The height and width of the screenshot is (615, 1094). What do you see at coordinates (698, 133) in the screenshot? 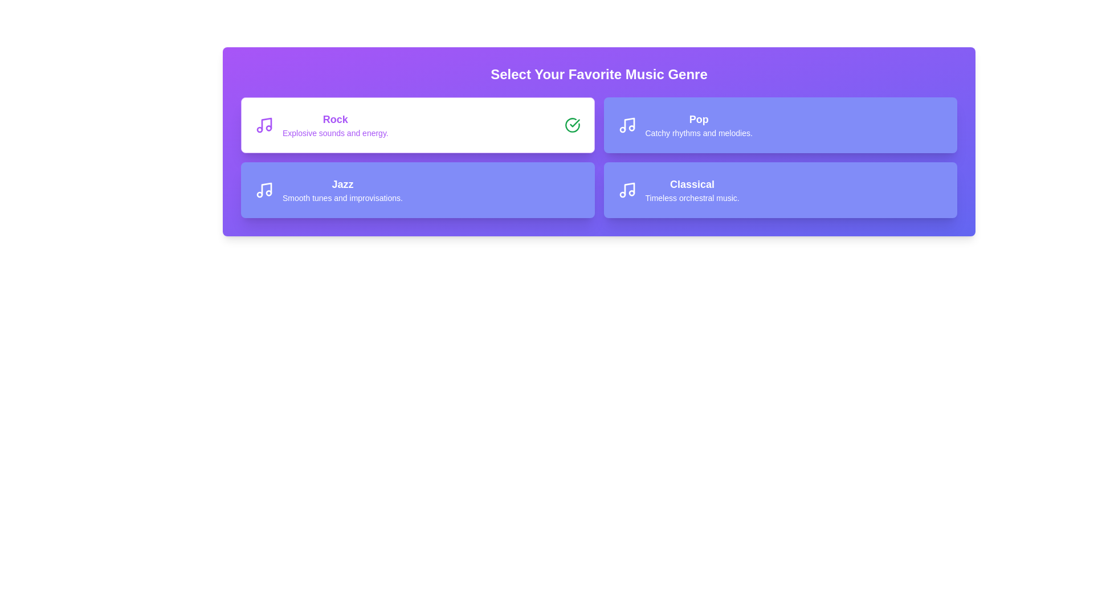
I see `the static text label that describes the 'Pop' music genre, located in the right half of the interface, below the heading 'Pop.'` at bounding box center [698, 133].